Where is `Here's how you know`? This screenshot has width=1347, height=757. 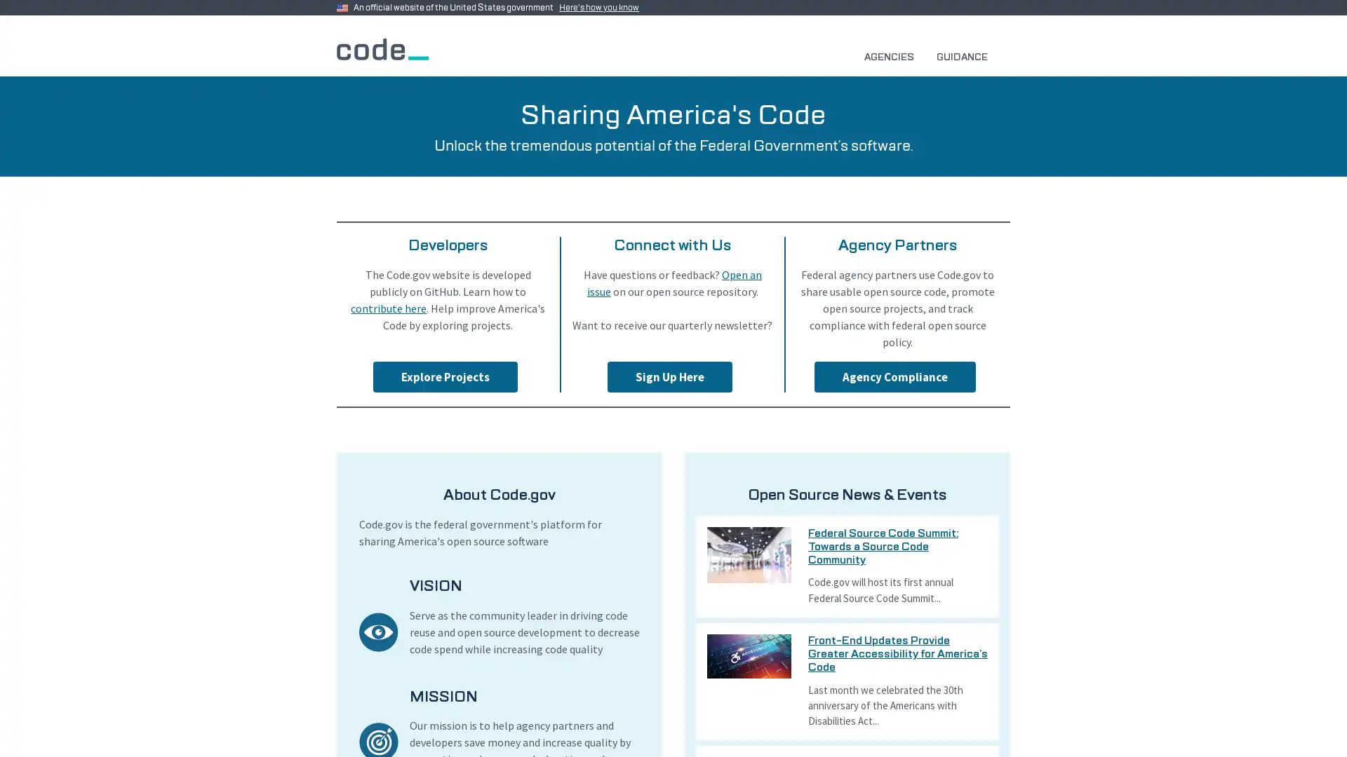
Here's how you know is located at coordinates (602, 8).